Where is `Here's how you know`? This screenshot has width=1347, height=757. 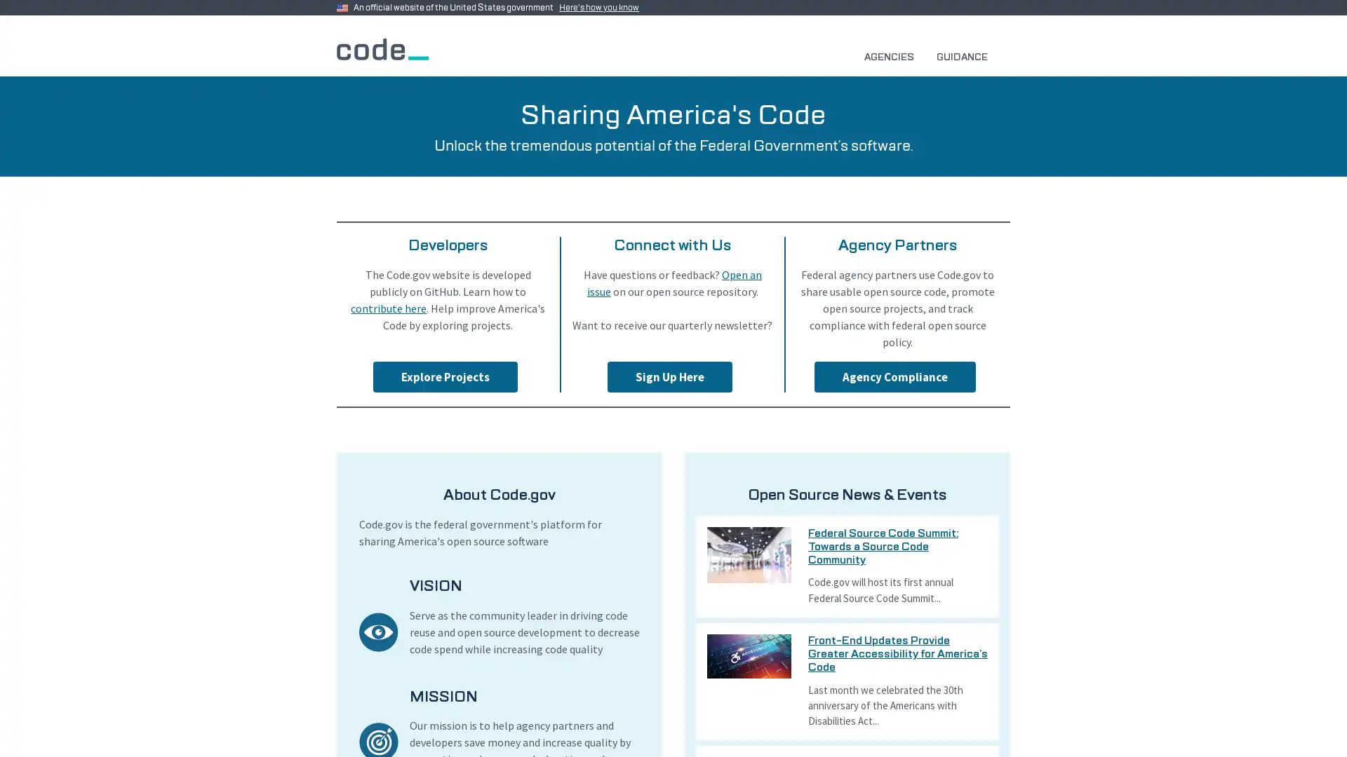
Here's how you know is located at coordinates (602, 8).